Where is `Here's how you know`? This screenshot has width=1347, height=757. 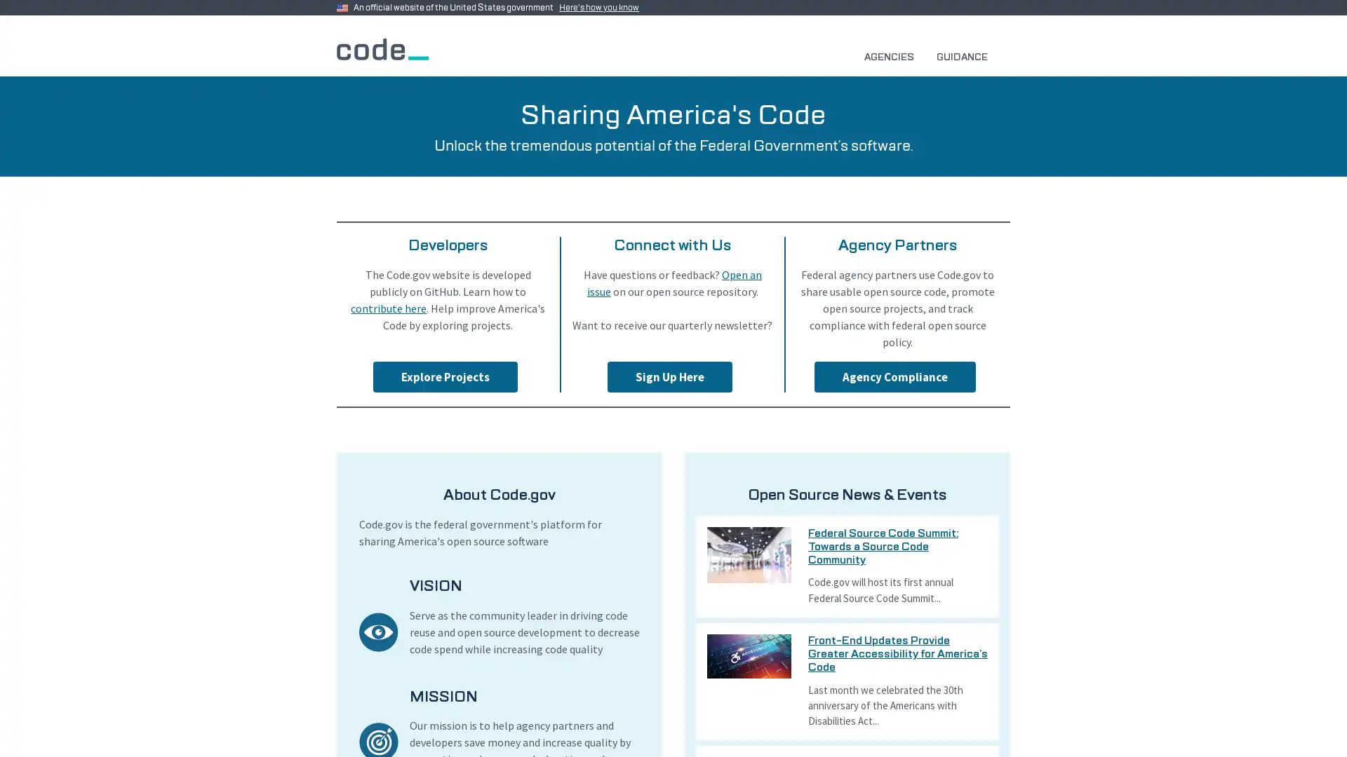
Here's how you know is located at coordinates (602, 8).